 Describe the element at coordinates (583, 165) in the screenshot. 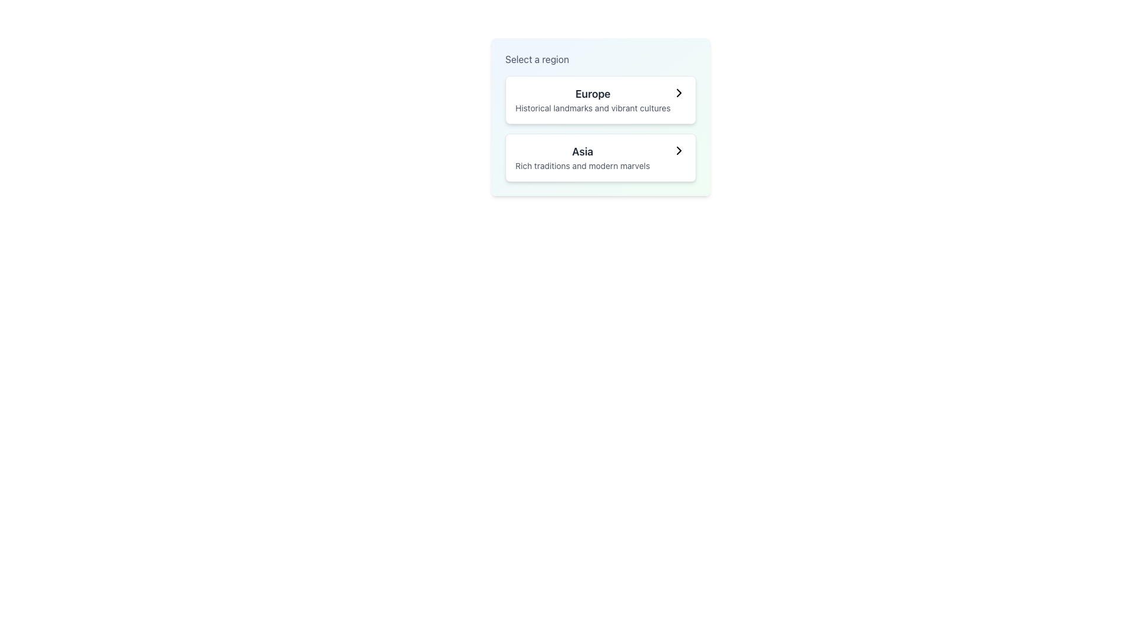

I see `the descriptive subtitle text element located beneath the 'Asia' title in the card view` at that location.